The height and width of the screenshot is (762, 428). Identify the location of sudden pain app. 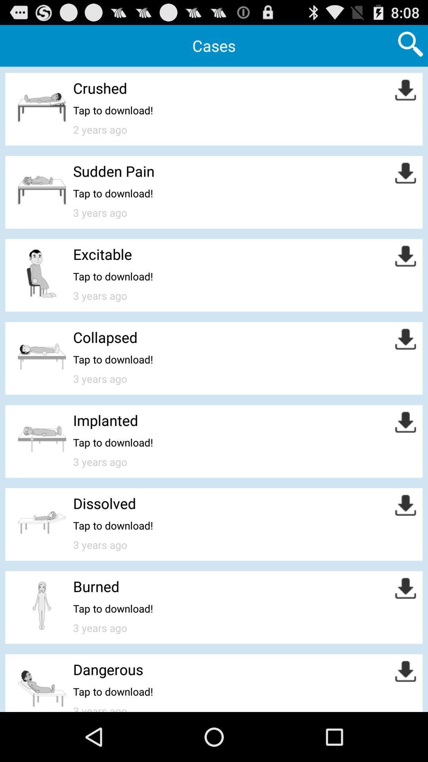
(114, 171).